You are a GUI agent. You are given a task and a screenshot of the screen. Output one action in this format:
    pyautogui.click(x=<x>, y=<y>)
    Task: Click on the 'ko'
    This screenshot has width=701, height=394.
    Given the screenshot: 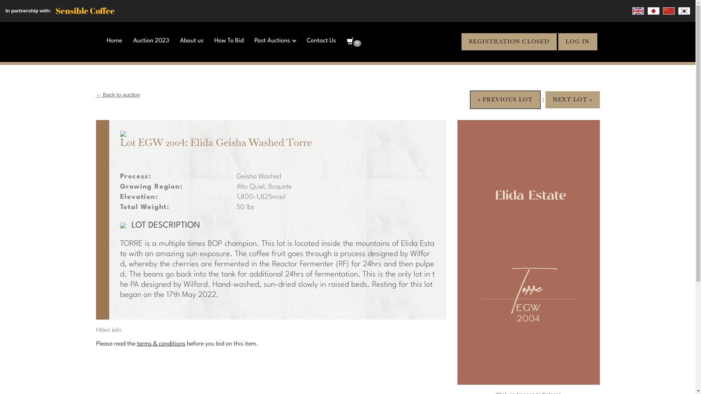 What is the action you would take?
    pyautogui.click(x=683, y=11)
    